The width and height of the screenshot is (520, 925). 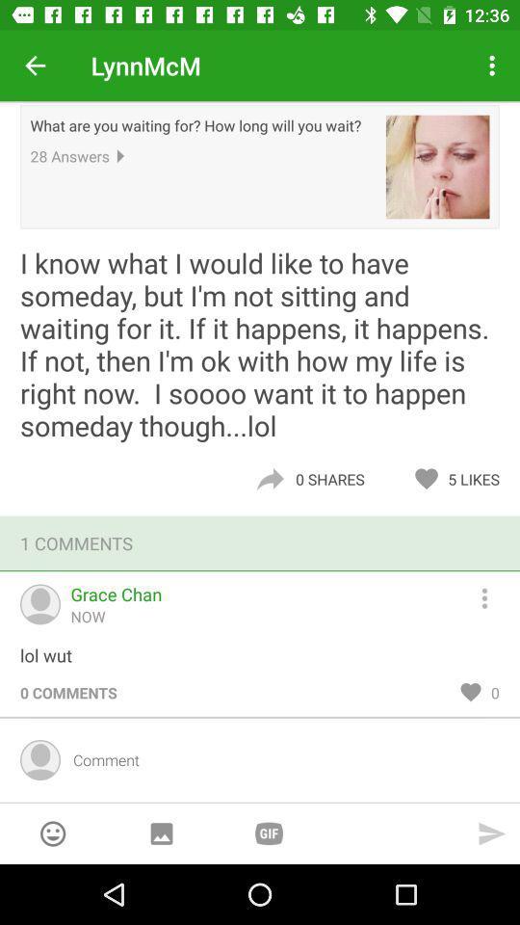 What do you see at coordinates (53, 832) in the screenshot?
I see `posts emoji` at bounding box center [53, 832].